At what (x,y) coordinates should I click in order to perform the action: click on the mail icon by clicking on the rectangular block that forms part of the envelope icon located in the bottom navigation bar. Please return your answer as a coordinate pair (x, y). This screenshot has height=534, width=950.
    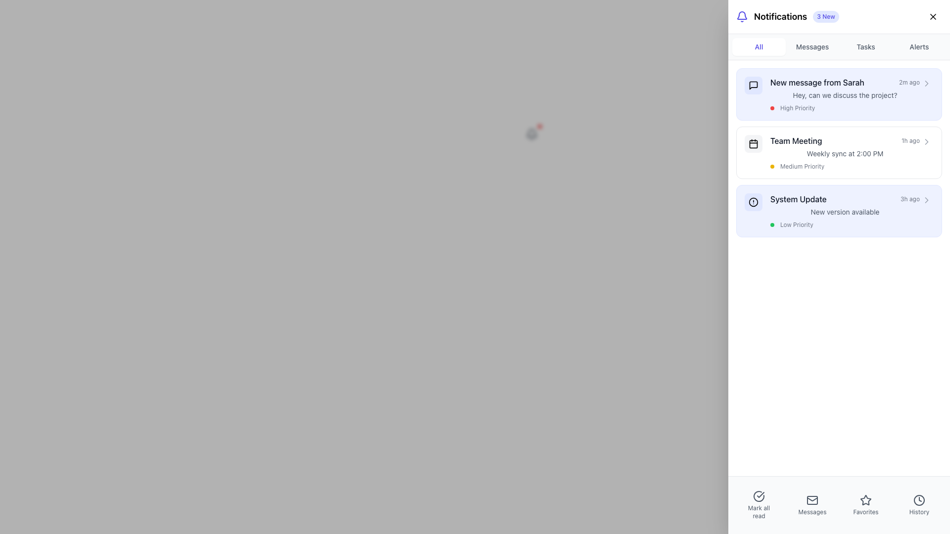
    Looking at the image, I should click on (812, 500).